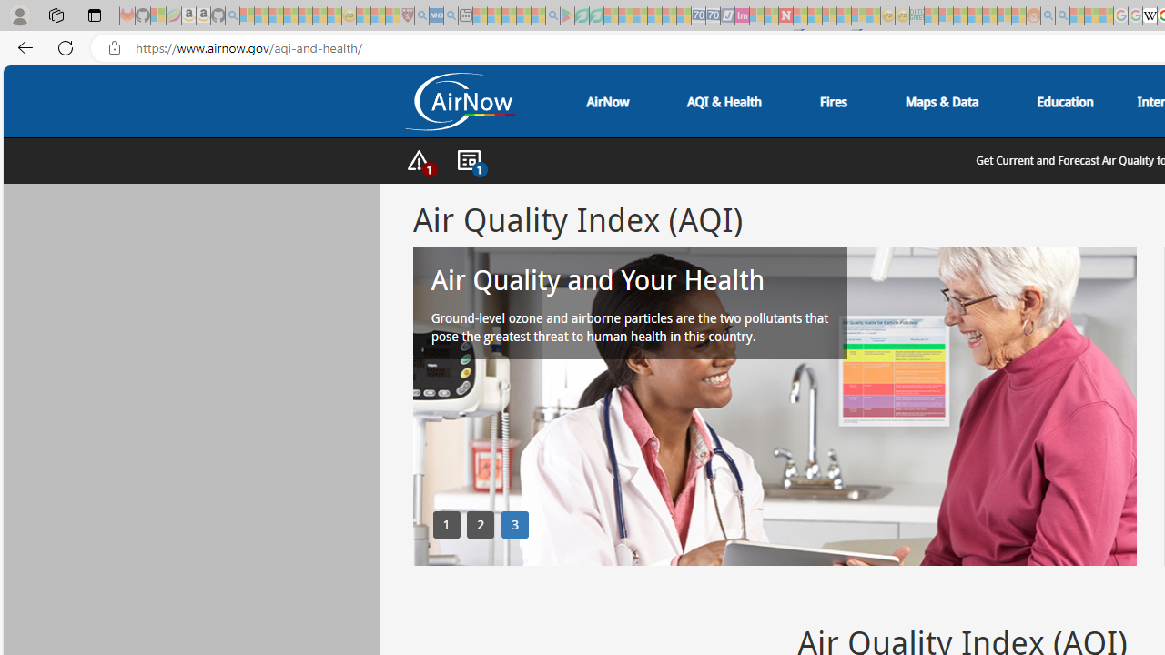 This screenshot has height=655, width=1165. Describe the element at coordinates (566, 15) in the screenshot. I see `'Bluey: Let'` at that location.